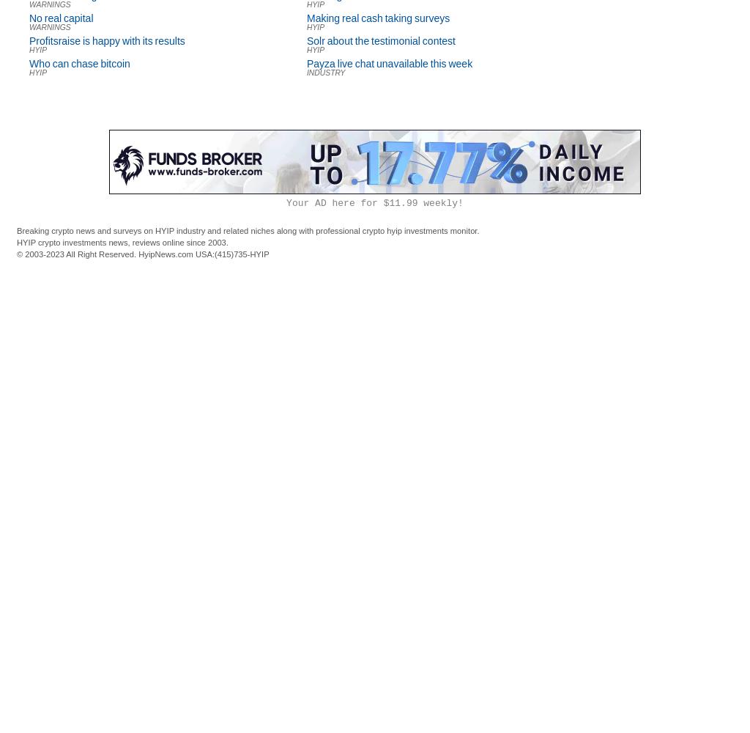 Image resolution: width=750 pixels, height=733 pixels. Describe the element at coordinates (122, 241) in the screenshot. I see `'HYIP crypto investments news, reviews online since 2003.'` at that location.